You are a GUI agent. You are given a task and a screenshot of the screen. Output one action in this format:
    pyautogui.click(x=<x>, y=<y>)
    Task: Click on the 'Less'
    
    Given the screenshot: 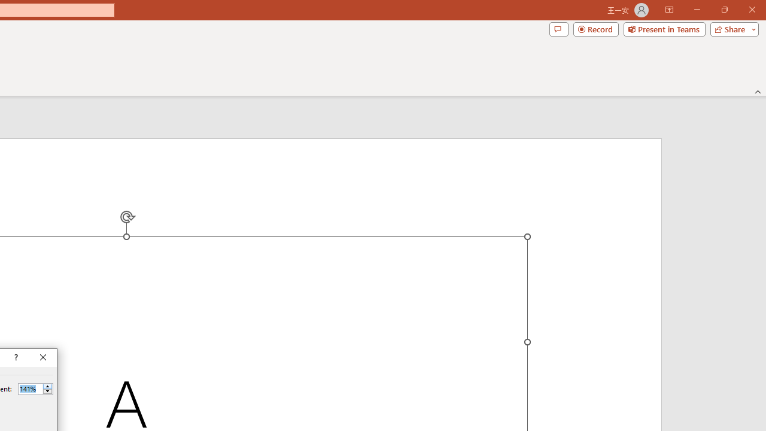 What is the action you would take?
    pyautogui.click(x=47, y=391)
    